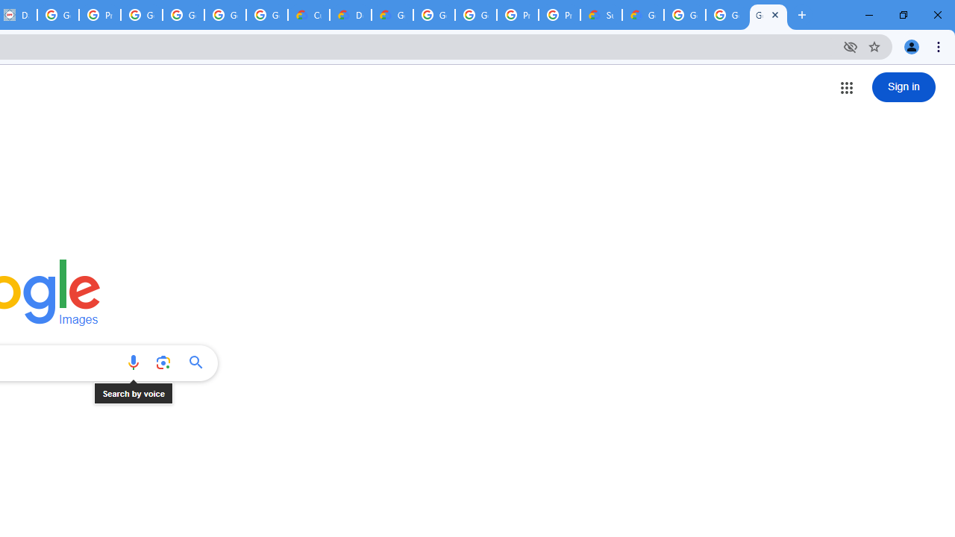 Image resolution: width=955 pixels, height=537 pixels. What do you see at coordinates (433, 15) in the screenshot?
I see `'Google Cloud Platform'` at bounding box center [433, 15].